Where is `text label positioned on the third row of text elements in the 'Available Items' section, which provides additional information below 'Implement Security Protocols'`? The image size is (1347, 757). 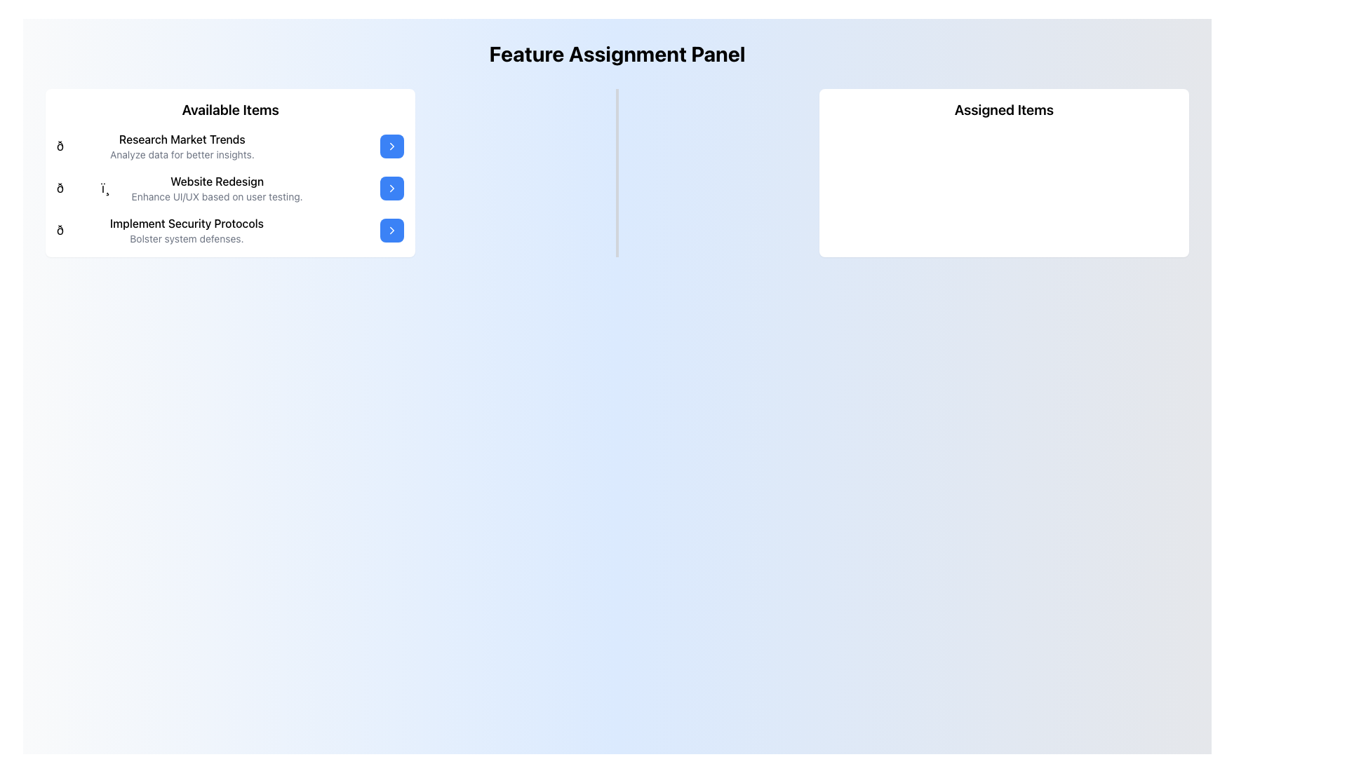
text label positioned on the third row of text elements in the 'Available Items' section, which provides additional information below 'Implement Security Protocols' is located at coordinates (186, 238).